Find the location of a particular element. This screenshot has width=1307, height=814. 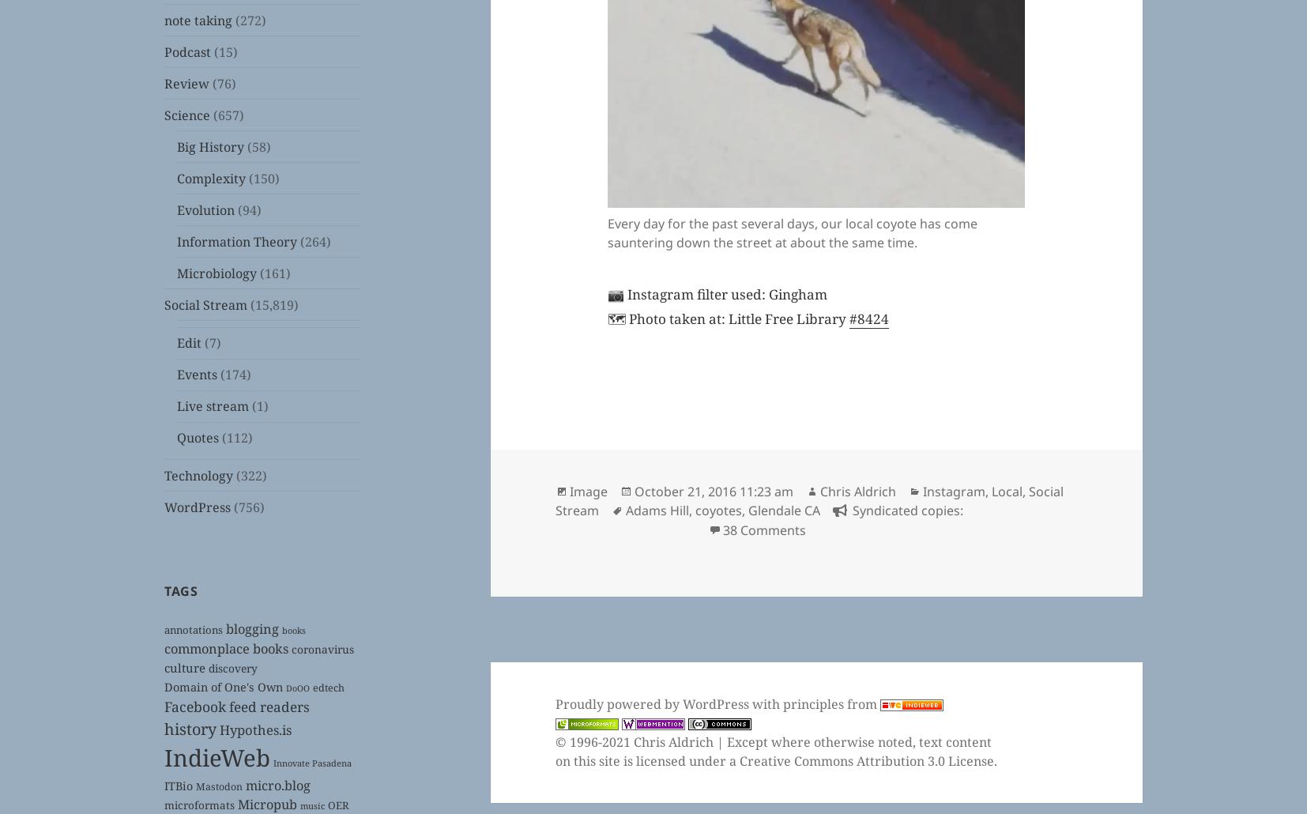

'Domain of One's Own' is located at coordinates (222, 687).